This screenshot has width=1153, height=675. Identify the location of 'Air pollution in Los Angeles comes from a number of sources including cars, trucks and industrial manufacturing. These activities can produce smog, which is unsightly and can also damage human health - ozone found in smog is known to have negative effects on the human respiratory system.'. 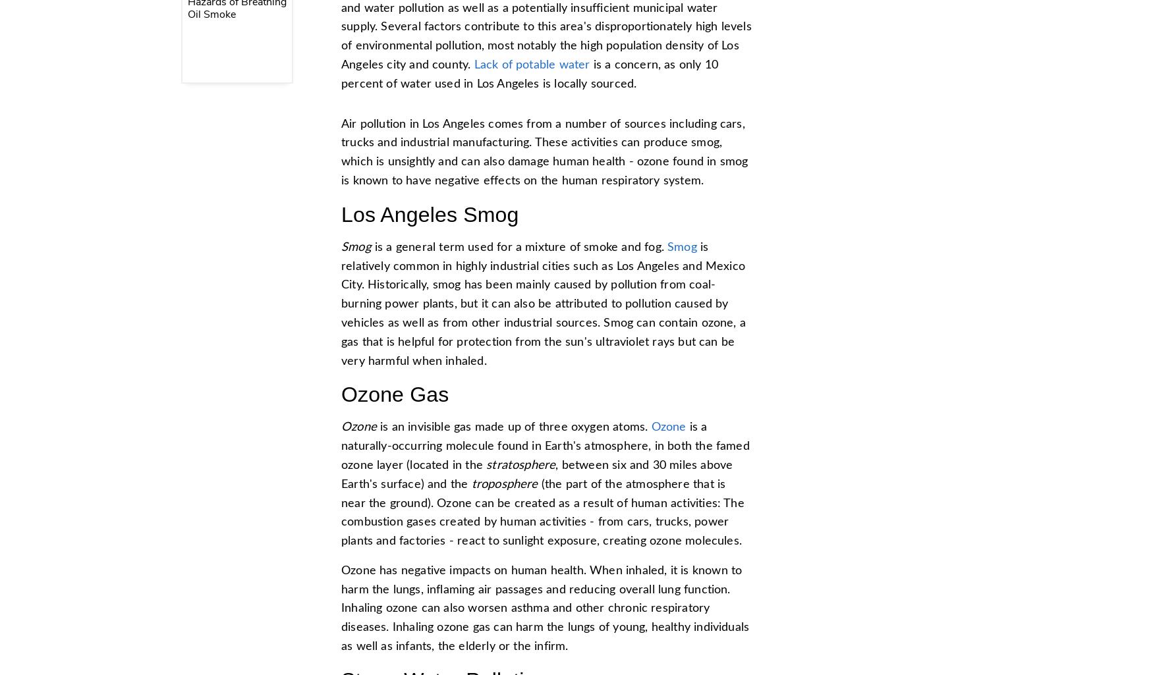
(341, 151).